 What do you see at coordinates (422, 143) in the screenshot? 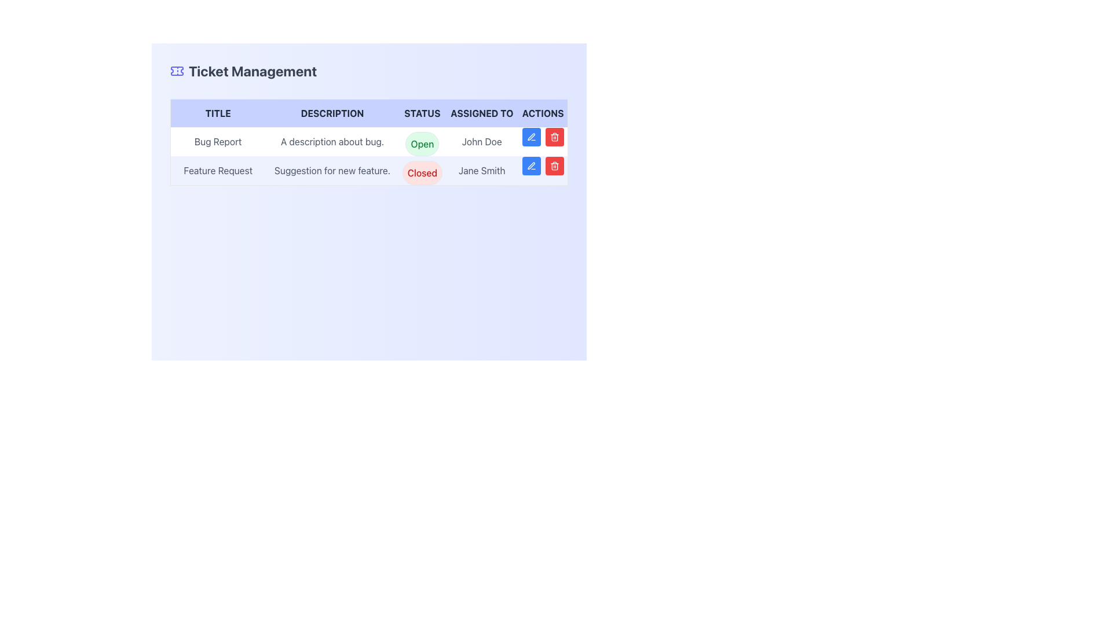
I see `the status indicator text label that denotes the current status of the bug report as 'Open' located in the 'STATUS' column of the first row in the 'Ticket Management' table` at bounding box center [422, 143].